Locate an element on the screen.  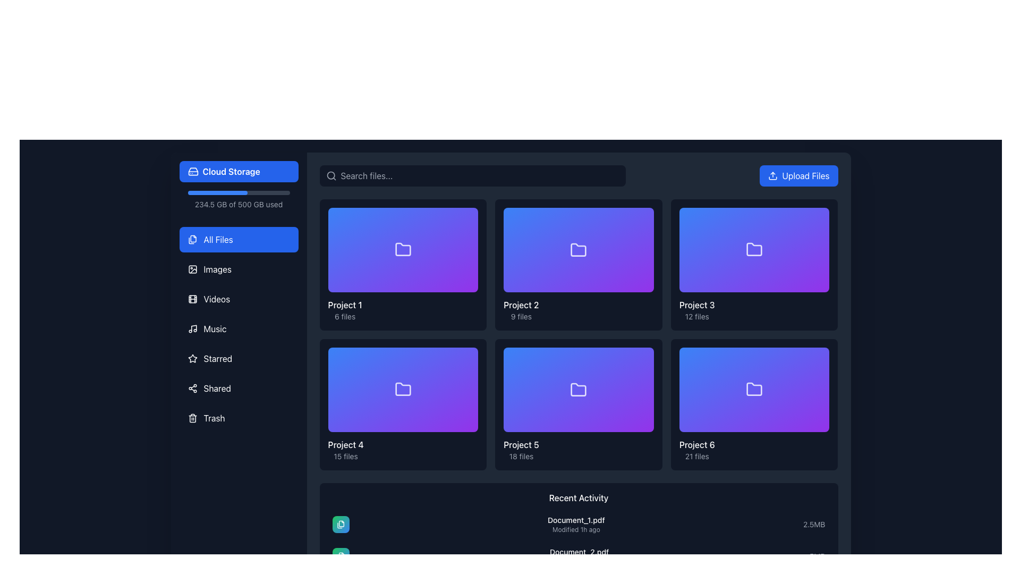
the interactive star icon located at the bottom-right of the 'Project 1' thumbnail using keyboard support is located at coordinates (469, 310).